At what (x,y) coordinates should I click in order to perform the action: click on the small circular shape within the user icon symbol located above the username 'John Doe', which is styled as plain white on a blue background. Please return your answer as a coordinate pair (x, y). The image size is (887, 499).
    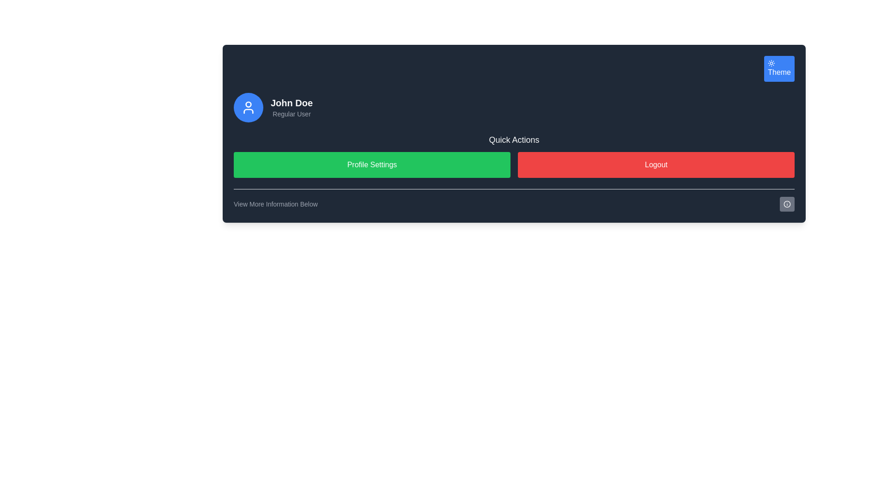
    Looking at the image, I should click on (248, 104).